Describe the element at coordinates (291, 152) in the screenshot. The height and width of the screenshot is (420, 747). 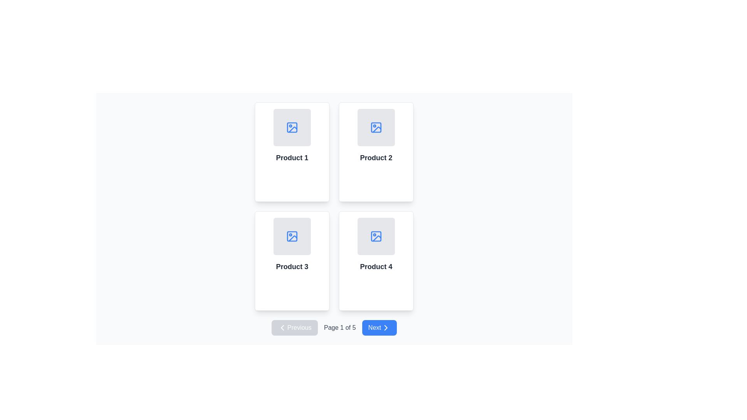
I see `the Product card located in the top-left corner of the grid` at that location.